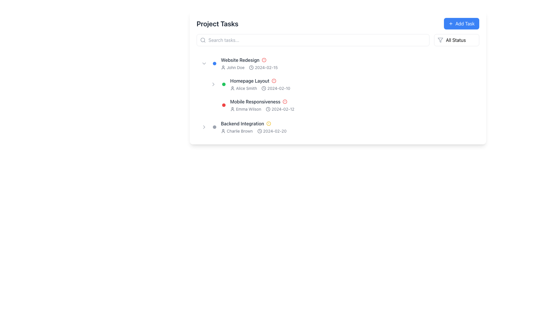  I want to click on the SVG icon representing a filter, which resembles a funnel and is located in the top-left section of the task search bar, so click(440, 40).